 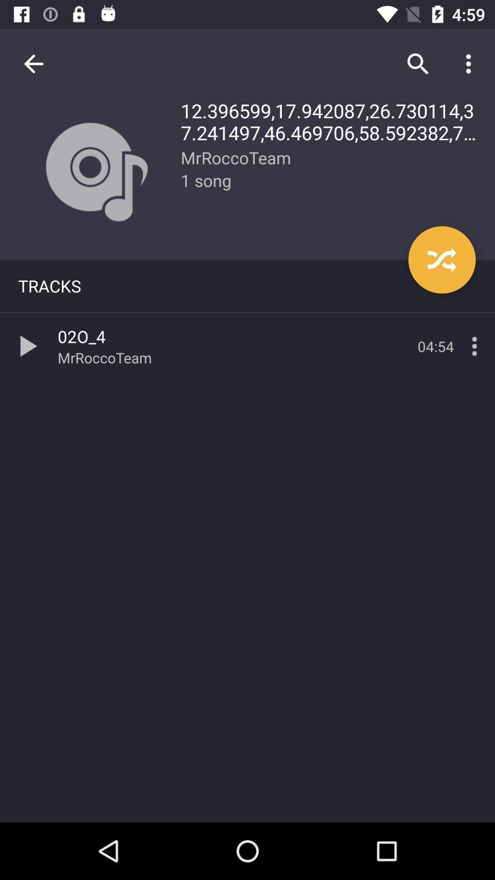 I want to click on item to the left of the 12 396599 17 item, so click(x=33, y=63).